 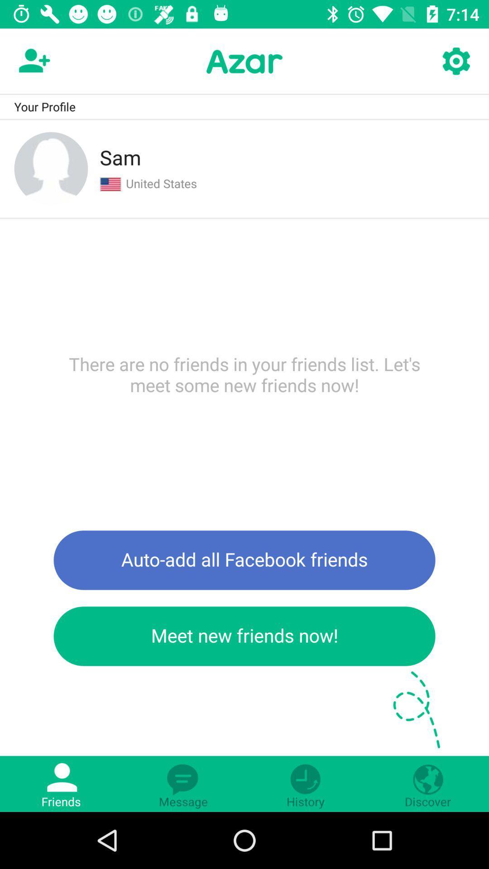 I want to click on item below the there are no icon, so click(x=244, y=559).